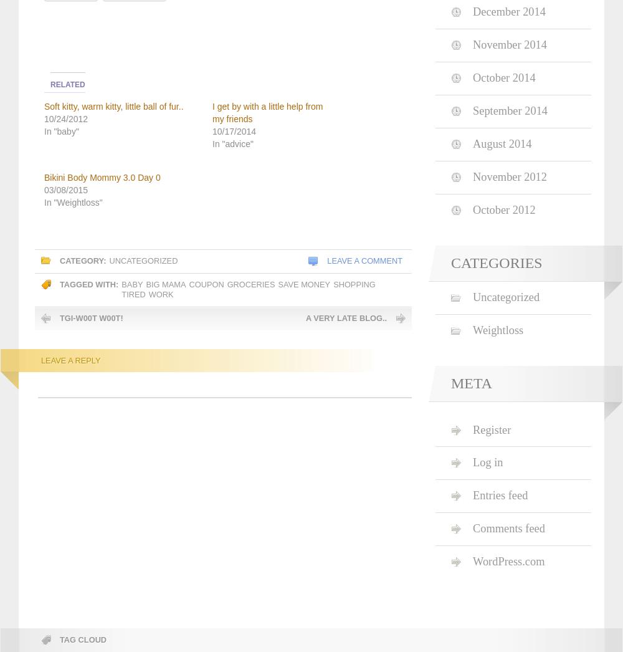 Image resolution: width=623 pixels, height=652 pixels. I want to click on 'Log in', so click(473, 462).